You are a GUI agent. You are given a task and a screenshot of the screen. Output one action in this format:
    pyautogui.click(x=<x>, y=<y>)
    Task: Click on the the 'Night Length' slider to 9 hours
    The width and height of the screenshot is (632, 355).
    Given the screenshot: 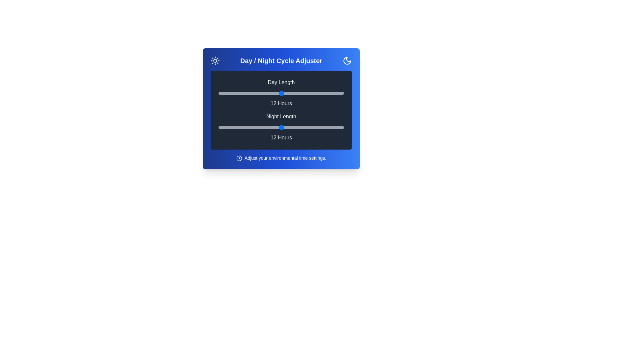 What is the action you would take?
    pyautogui.click(x=250, y=128)
    